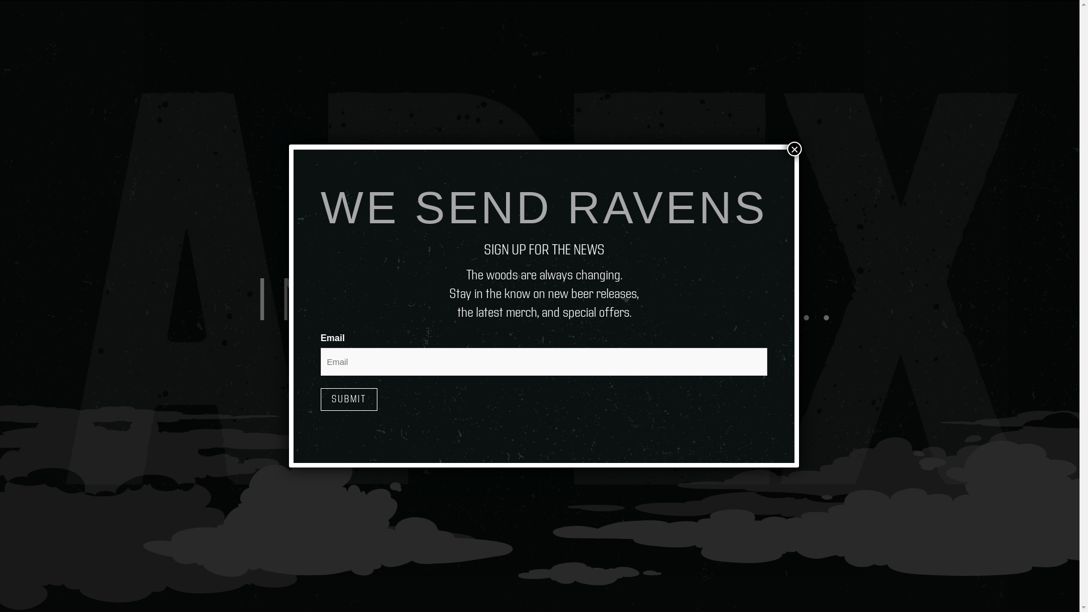  Describe the element at coordinates (348, 399) in the screenshot. I see `'Submit'` at that location.